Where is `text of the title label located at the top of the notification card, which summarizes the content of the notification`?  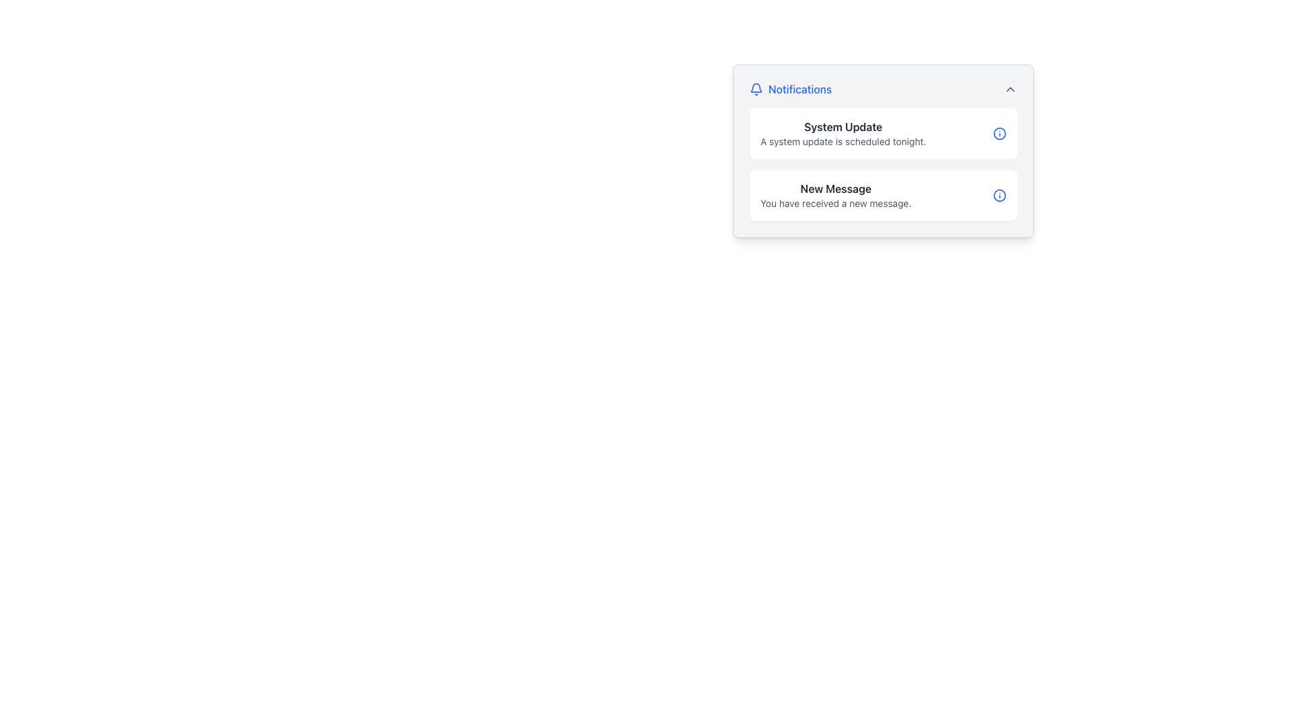 text of the title label located at the top of the notification card, which summarizes the content of the notification is located at coordinates (835, 189).